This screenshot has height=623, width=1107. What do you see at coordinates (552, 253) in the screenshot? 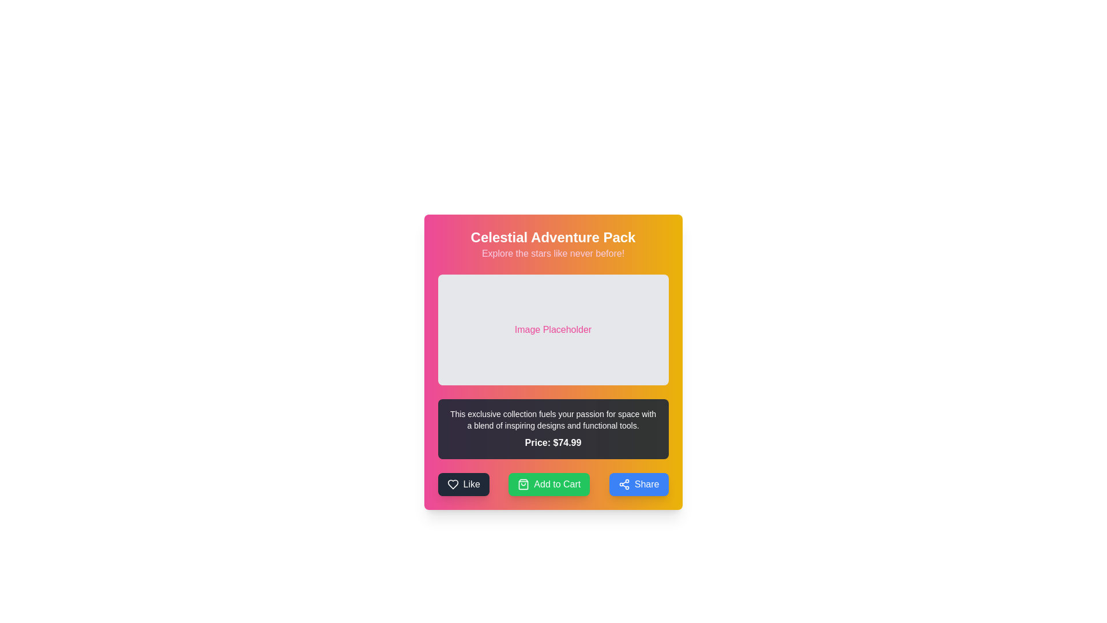
I see `the text element displaying 'Explore the stars like never before!' which is centrally aligned beneath the title 'Celestial Adventure Pack' within a visually styled card` at bounding box center [552, 253].